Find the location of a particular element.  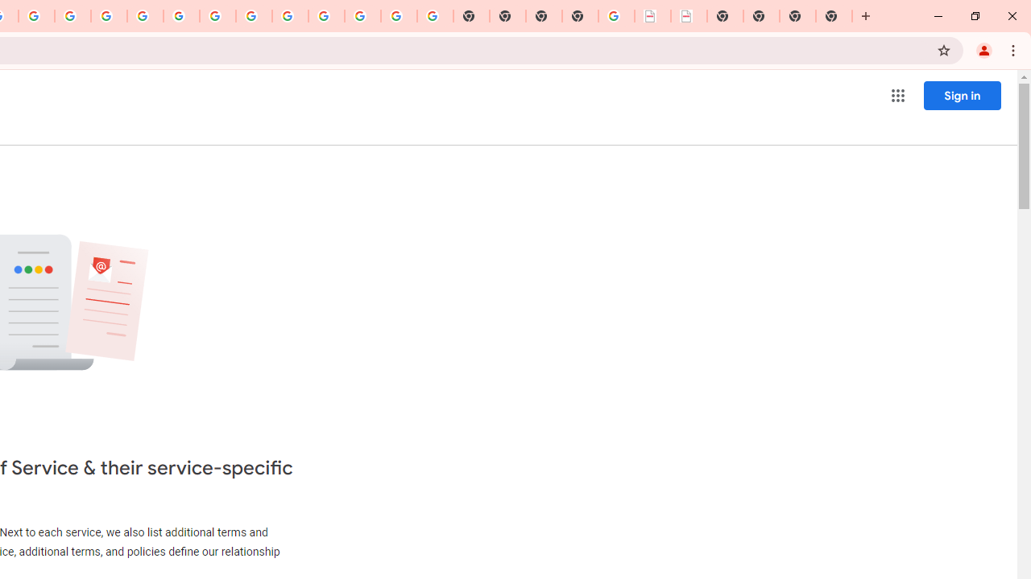

'Privacy Help Center - Policies Help' is located at coordinates (108, 16).